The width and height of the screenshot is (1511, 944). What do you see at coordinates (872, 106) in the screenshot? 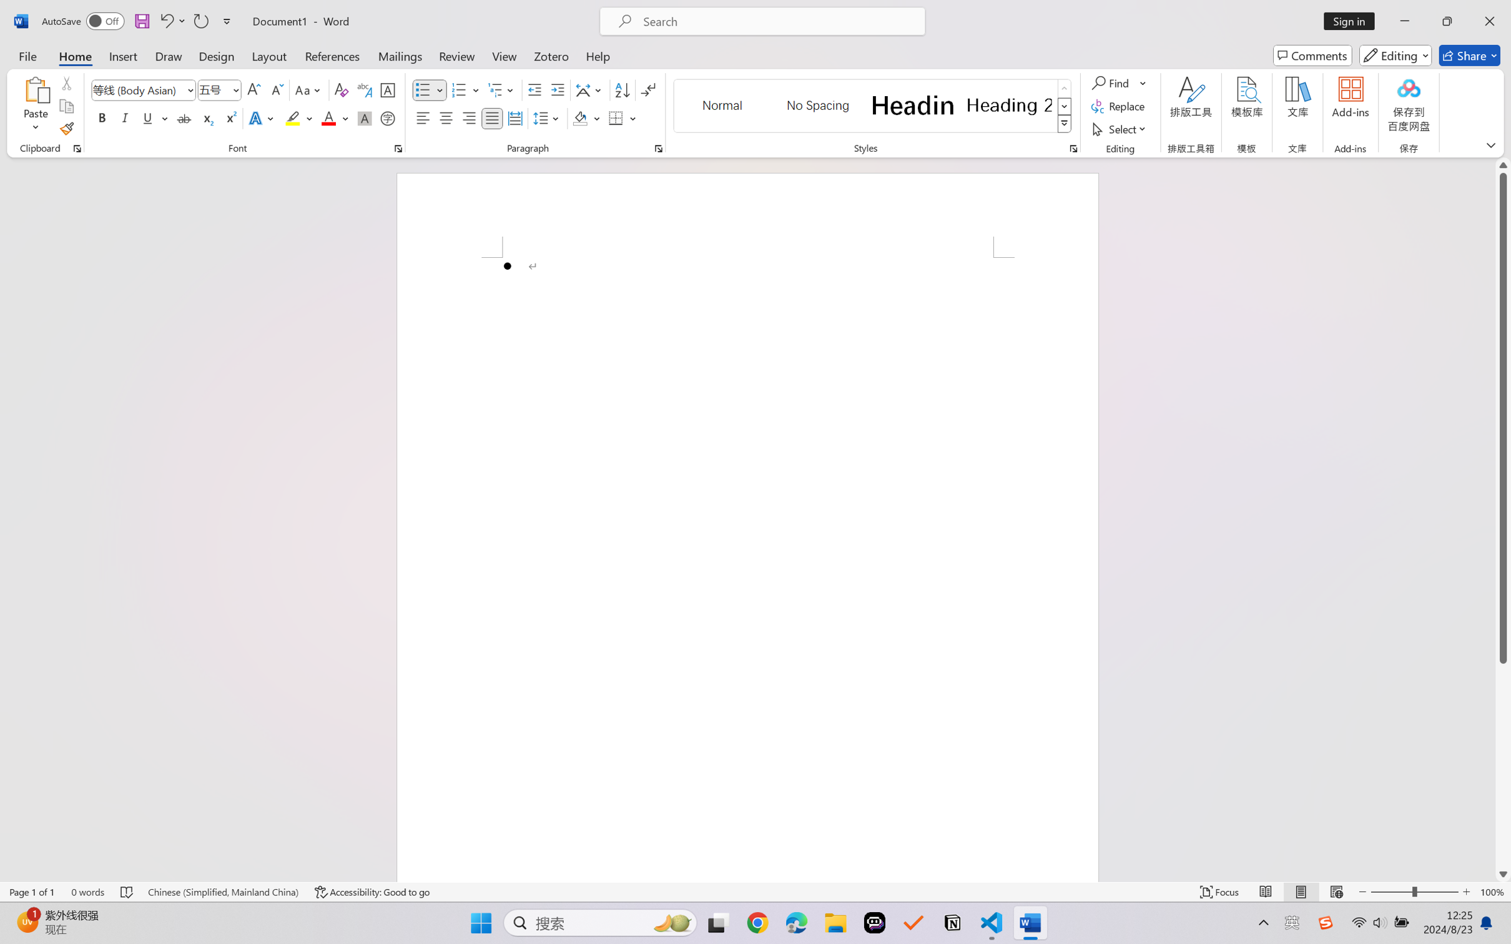
I see `'AutomationID: QuickStylesGallery'` at bounding box center [872, 106].